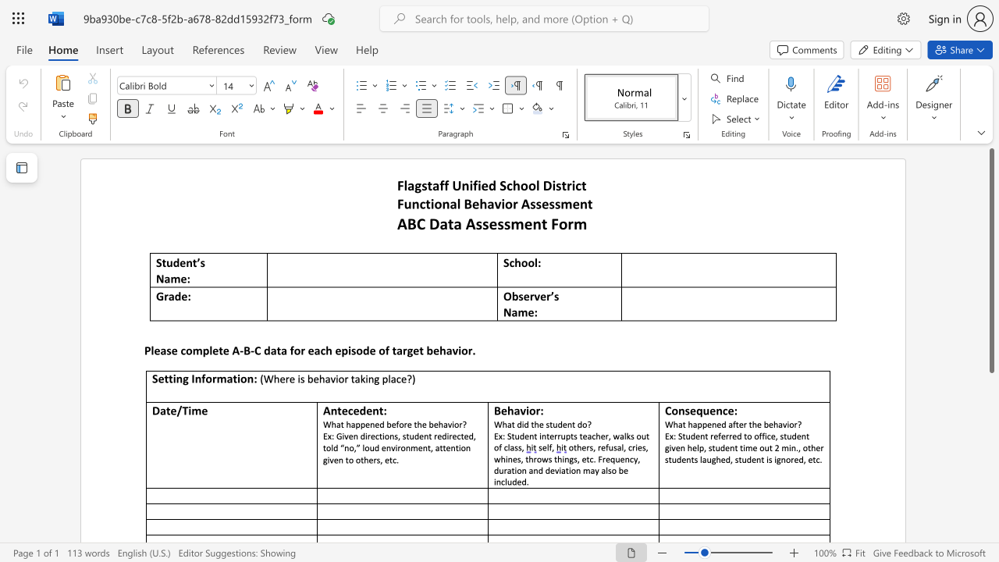 The image size is (999, 562). I want to click on the 2th character "a" in the text, so click(489, 203).